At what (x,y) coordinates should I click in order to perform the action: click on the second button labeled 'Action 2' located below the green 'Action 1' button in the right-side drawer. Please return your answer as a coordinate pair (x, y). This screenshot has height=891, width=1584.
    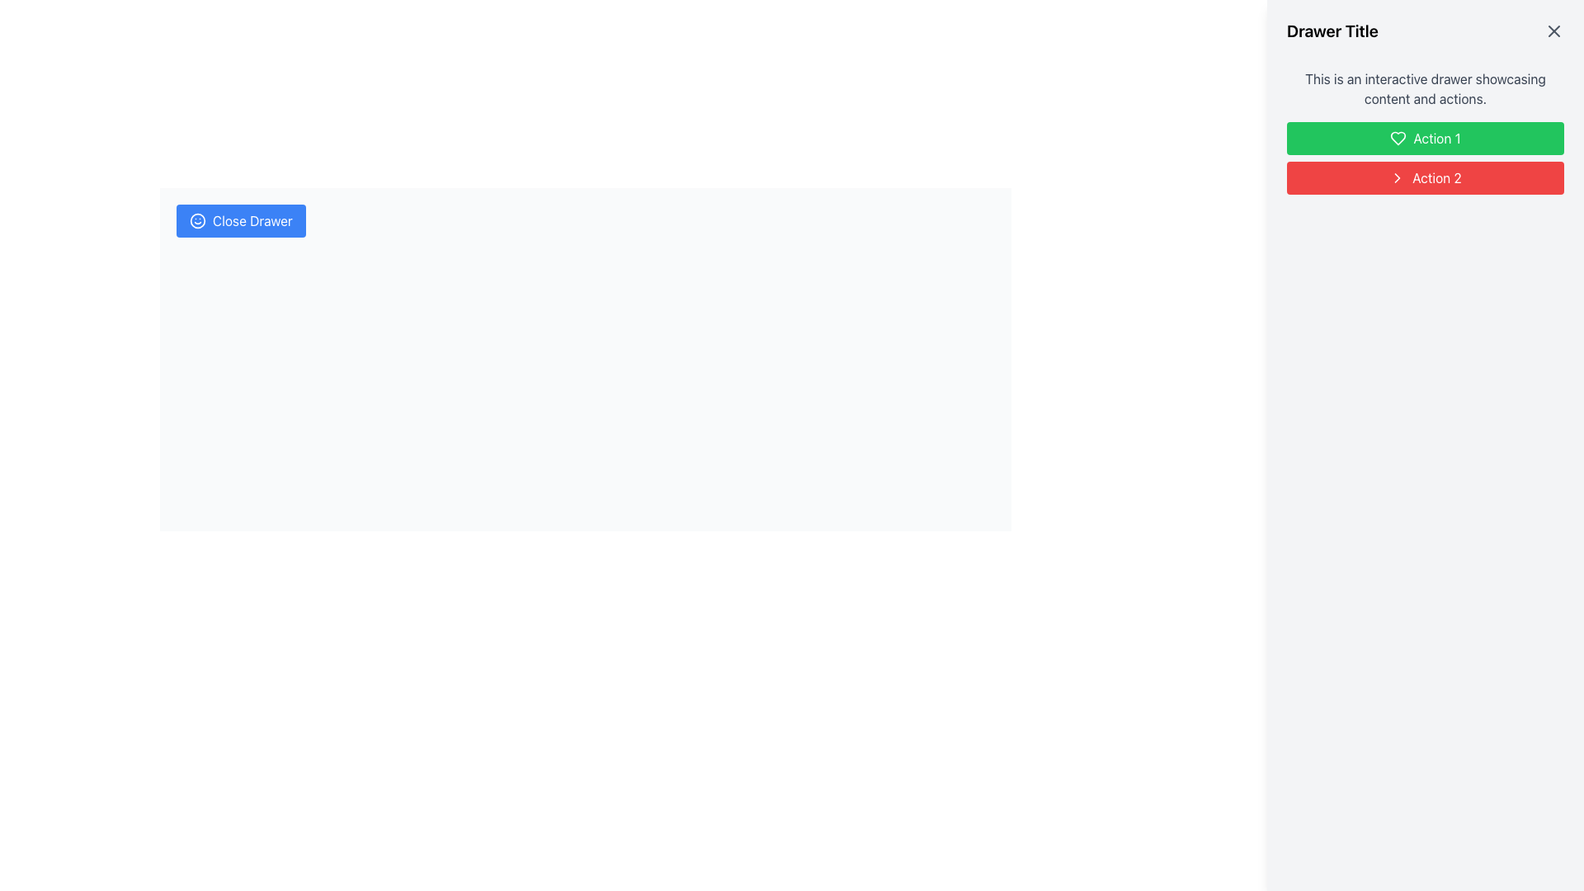
    Looking at the image, I should click on (1436, 178).